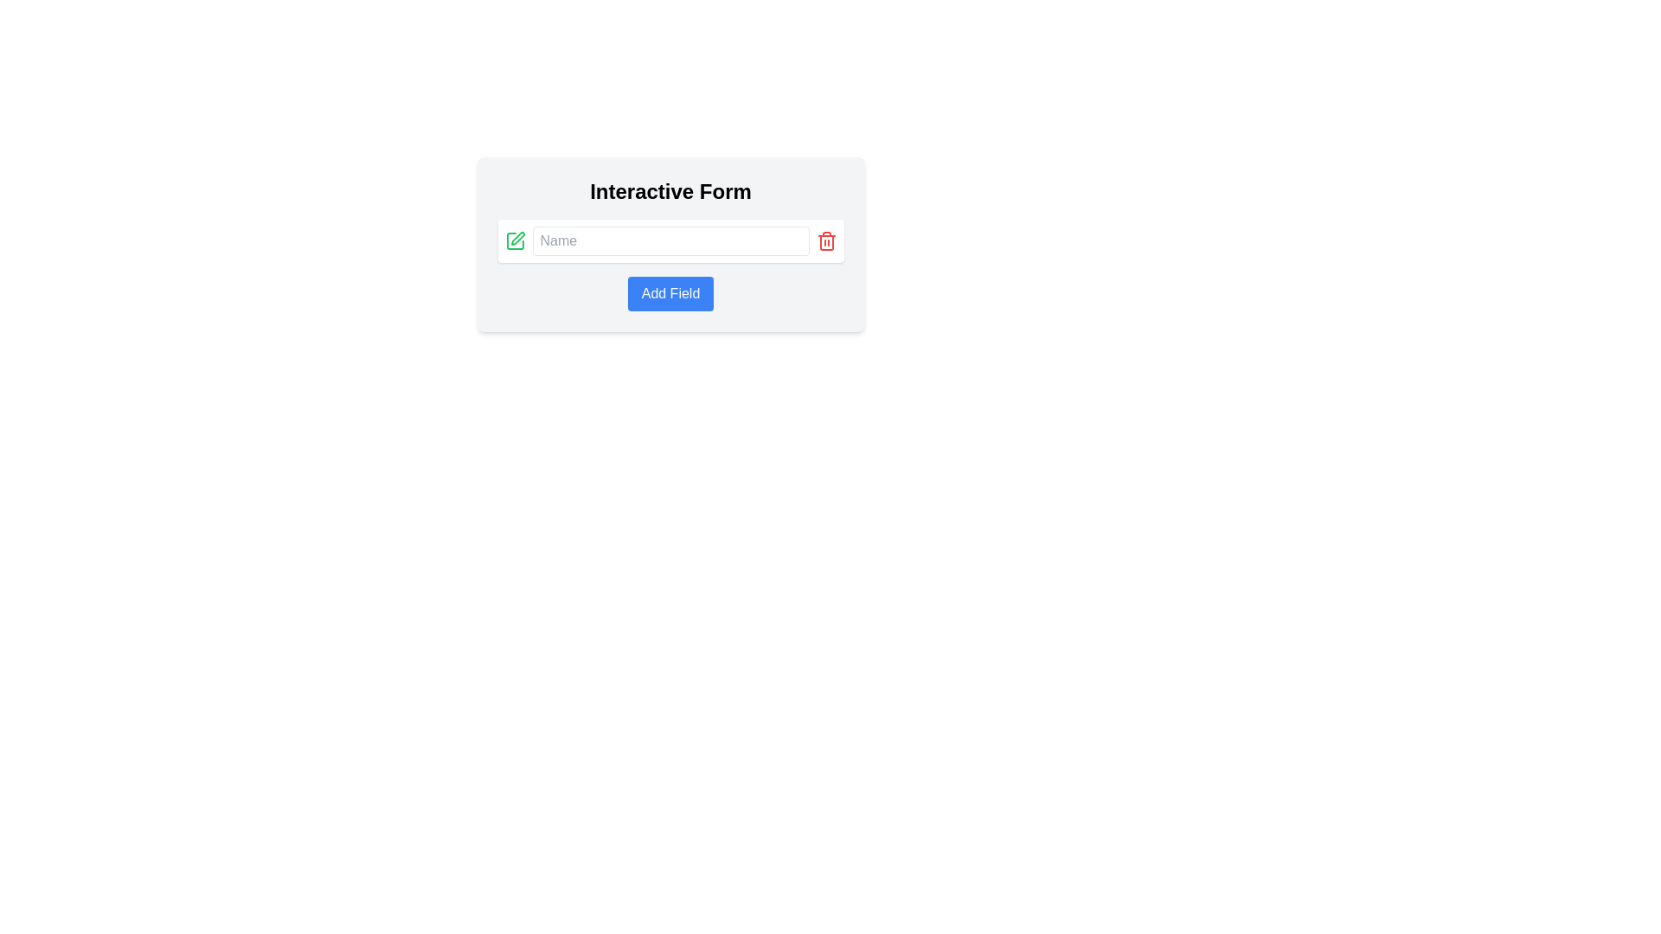 The width and height of the screenshot is (1661, 934). I want to click on the 'Add Field' button with a blue background located in the 'Interactive Form' section, so click(670, 292).